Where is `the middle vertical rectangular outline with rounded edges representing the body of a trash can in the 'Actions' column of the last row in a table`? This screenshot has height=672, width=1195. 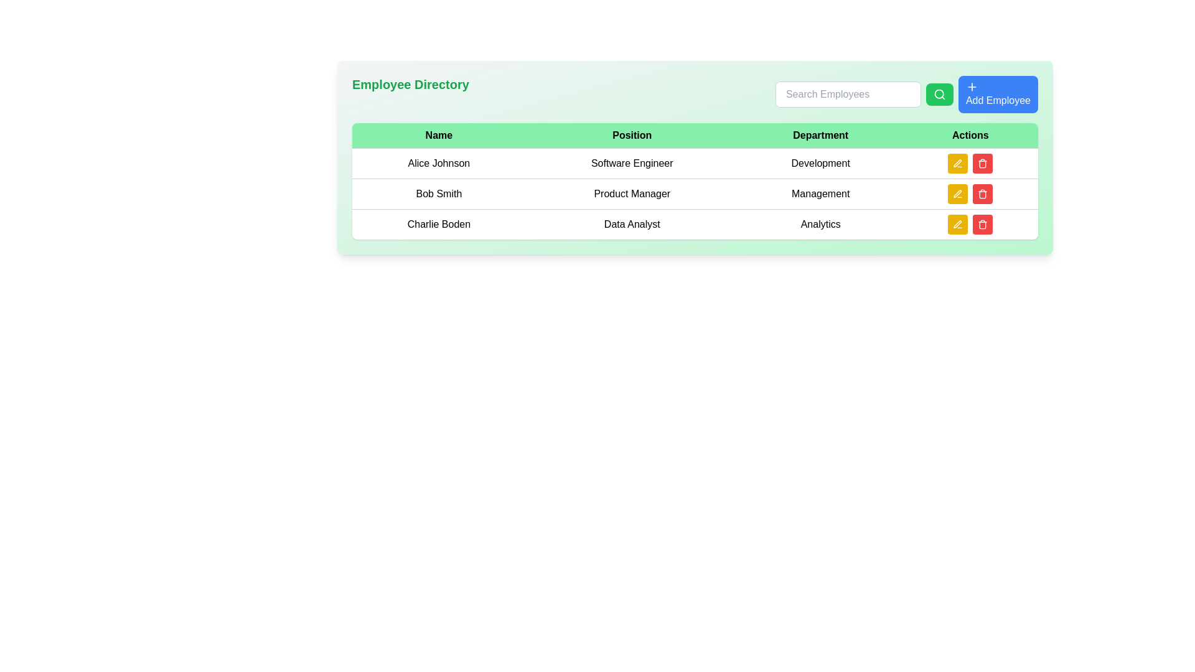
the middle vertical rectangular outline with rounded edges representing the body of a trash can in the 'Actions' column of the last row in a table is located at coordinates (982, 225).